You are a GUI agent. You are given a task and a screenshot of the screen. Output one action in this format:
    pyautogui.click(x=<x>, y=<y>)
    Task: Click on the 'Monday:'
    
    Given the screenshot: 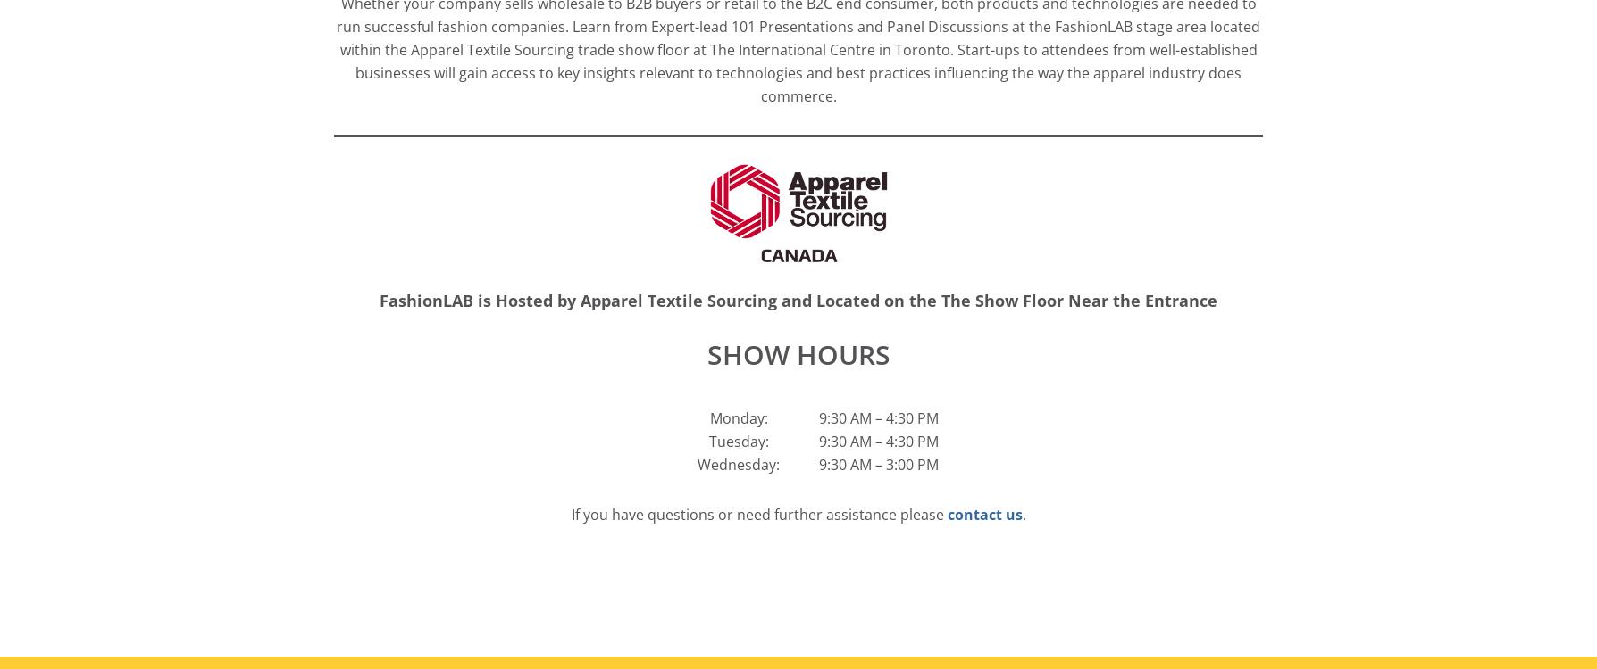 What is the action you would take?
    pyautogui.click(x=708, y=417)
    